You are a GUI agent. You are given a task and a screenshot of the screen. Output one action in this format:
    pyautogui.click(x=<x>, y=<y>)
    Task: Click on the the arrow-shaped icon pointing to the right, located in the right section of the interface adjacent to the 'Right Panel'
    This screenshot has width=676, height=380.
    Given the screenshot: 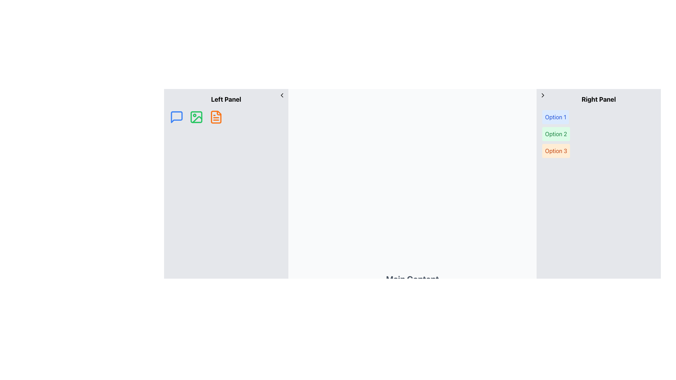 What is the action you would take?
    pyautogui.click(x=543, y=95)
    